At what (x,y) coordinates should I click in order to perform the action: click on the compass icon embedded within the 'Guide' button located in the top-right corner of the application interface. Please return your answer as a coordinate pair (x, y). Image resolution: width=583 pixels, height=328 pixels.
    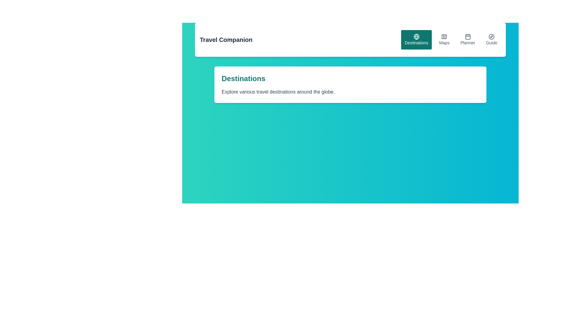
    Looking at the image, I should click on (492, 36).